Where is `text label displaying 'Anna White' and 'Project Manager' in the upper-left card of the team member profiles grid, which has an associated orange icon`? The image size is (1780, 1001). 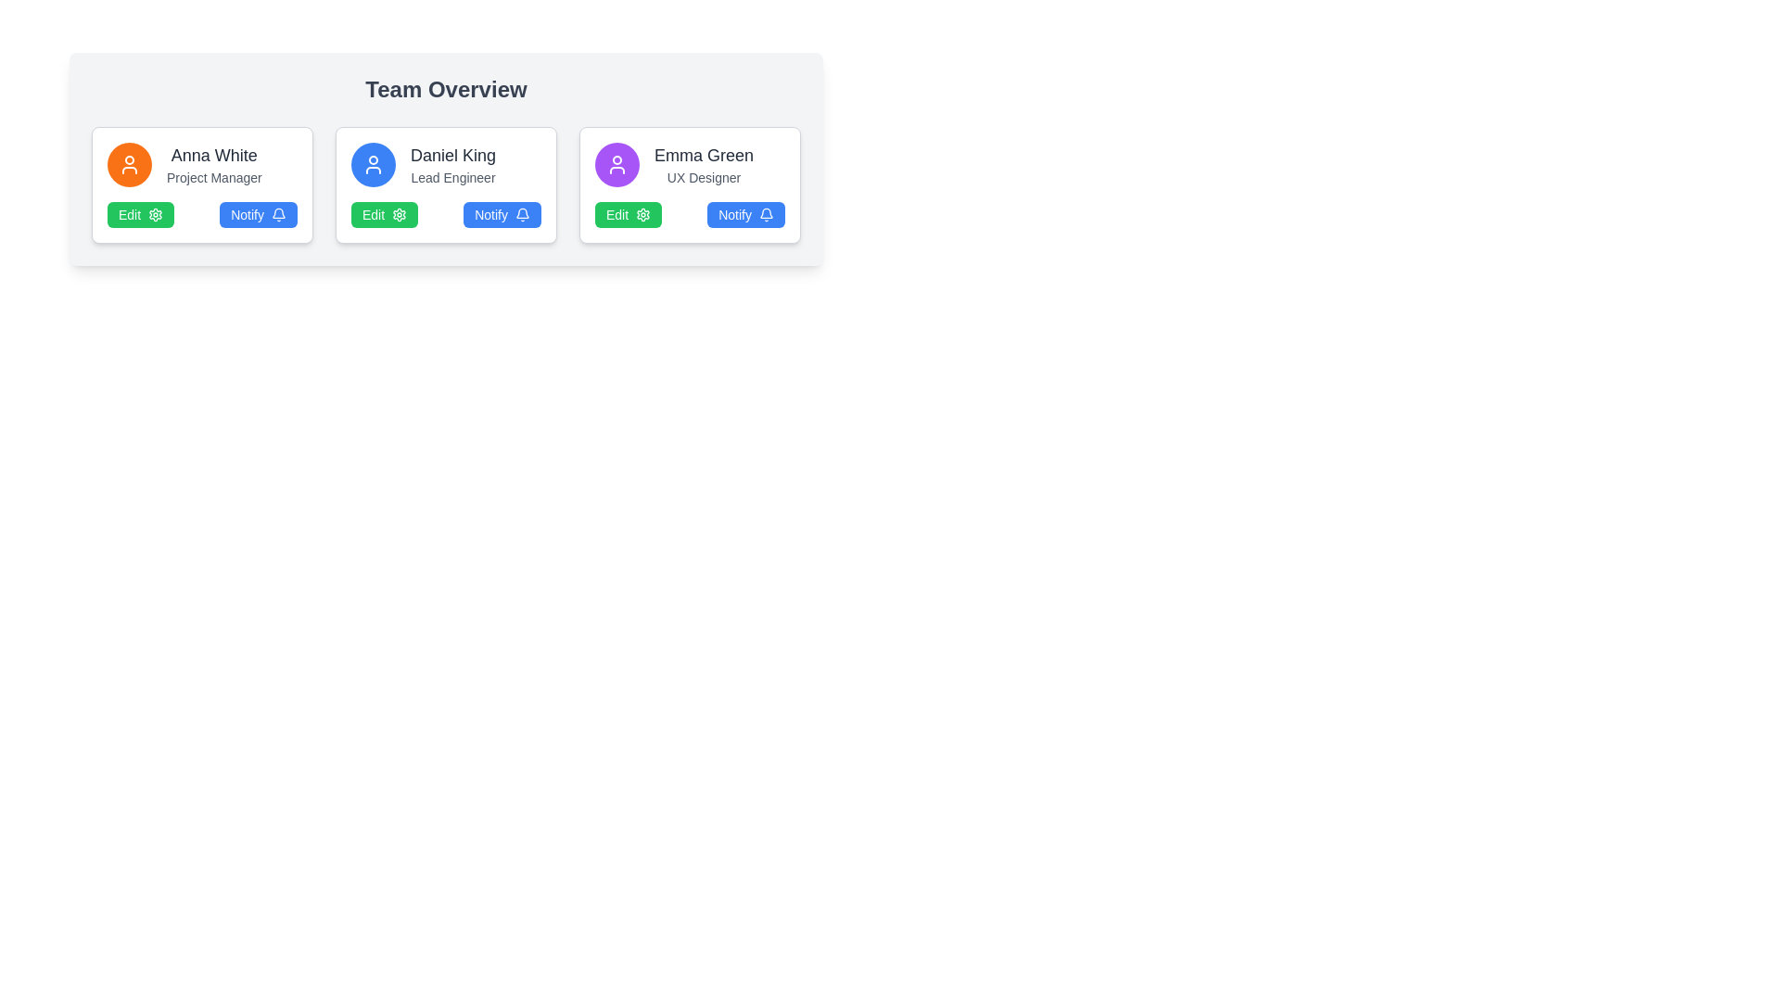
text label displaying 'Anna White' and 'Project Manager' in the upper-left card of the team member profiles grid, which has an associated orange icon is located at coordinates (202, 163).